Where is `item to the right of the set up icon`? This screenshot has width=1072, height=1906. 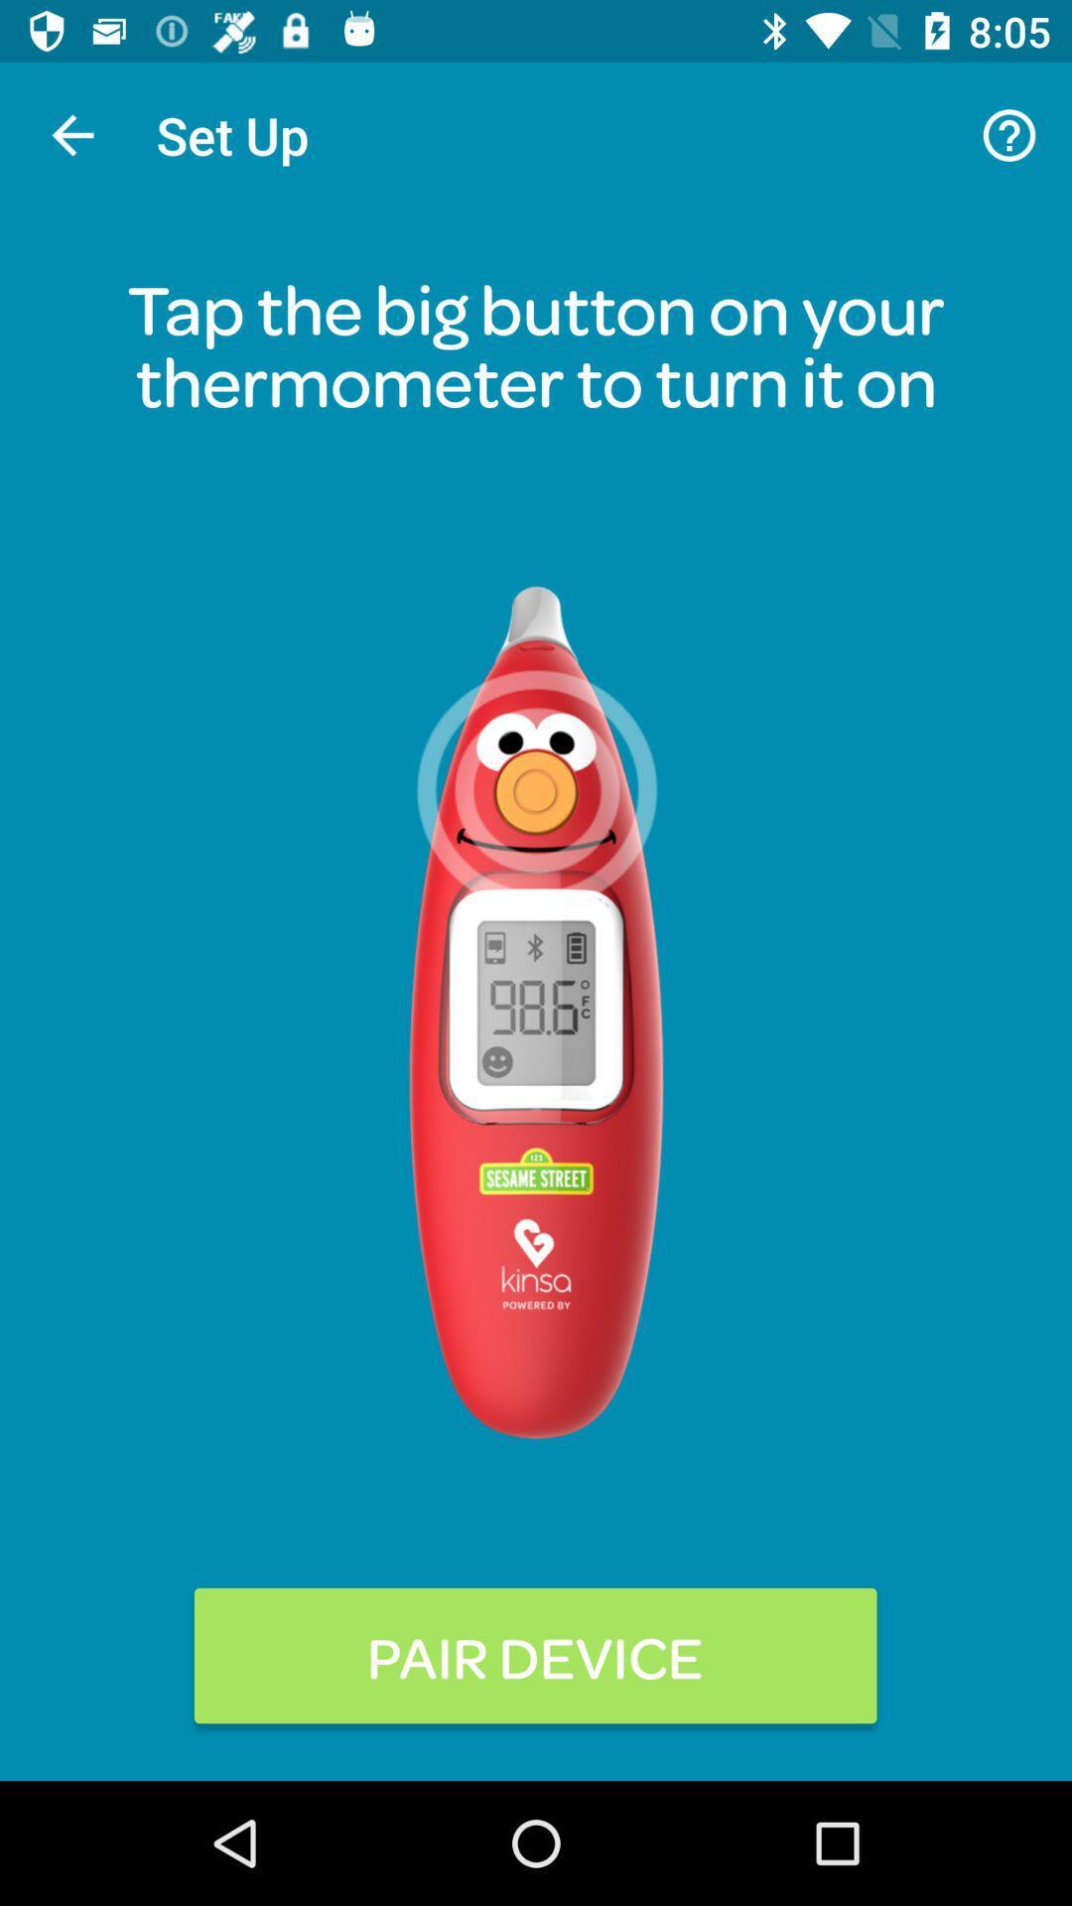
item to the right of the set up icon is located at coordinates (1009, 134).